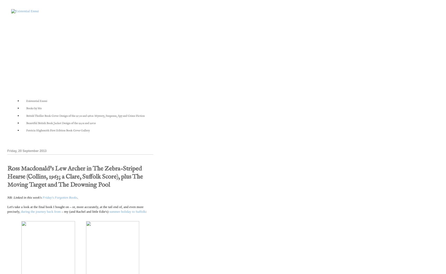 This screenshot has width=446, height=274. Describe the element at coordinates (25, 197) in the screenshot. I see `'NB: Linked in this week's'` at that location.